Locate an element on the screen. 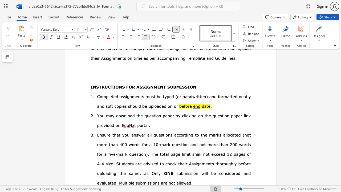 This screenshot has height=192, width=341. the subset text "uated." within the text "will be considered and evaluated." is located at coordinates (105, 183).